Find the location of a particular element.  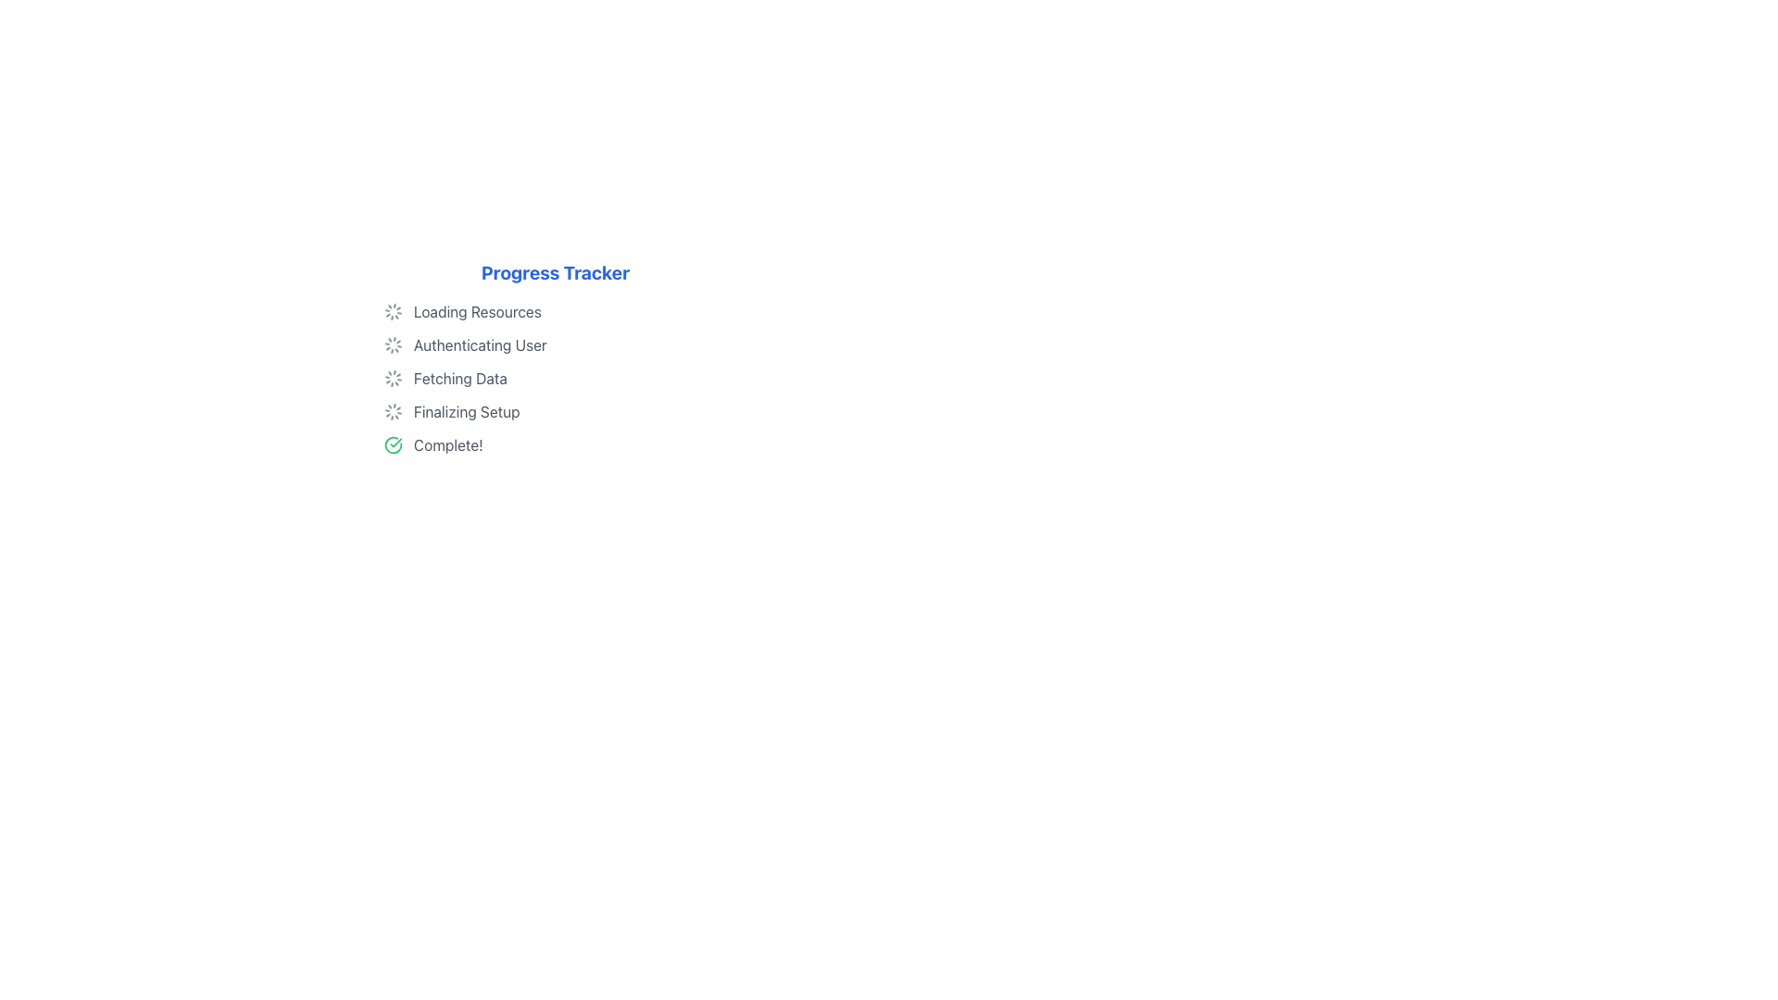

the Animated Loader Icon that indicates the 'Finalizing Setup' step in the process is located at coordinates (393, 410).